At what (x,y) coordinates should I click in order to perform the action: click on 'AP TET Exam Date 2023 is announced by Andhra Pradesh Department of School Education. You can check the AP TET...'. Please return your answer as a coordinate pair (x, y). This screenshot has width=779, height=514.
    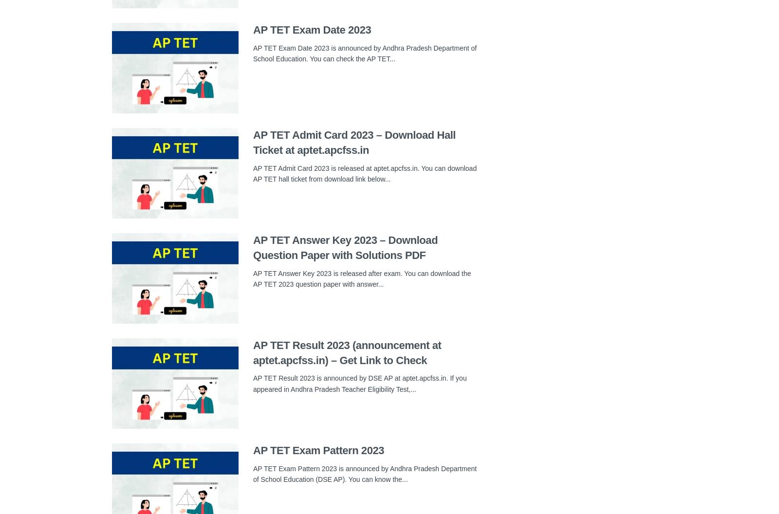
    Looking at the image, I should click on (365, 53).